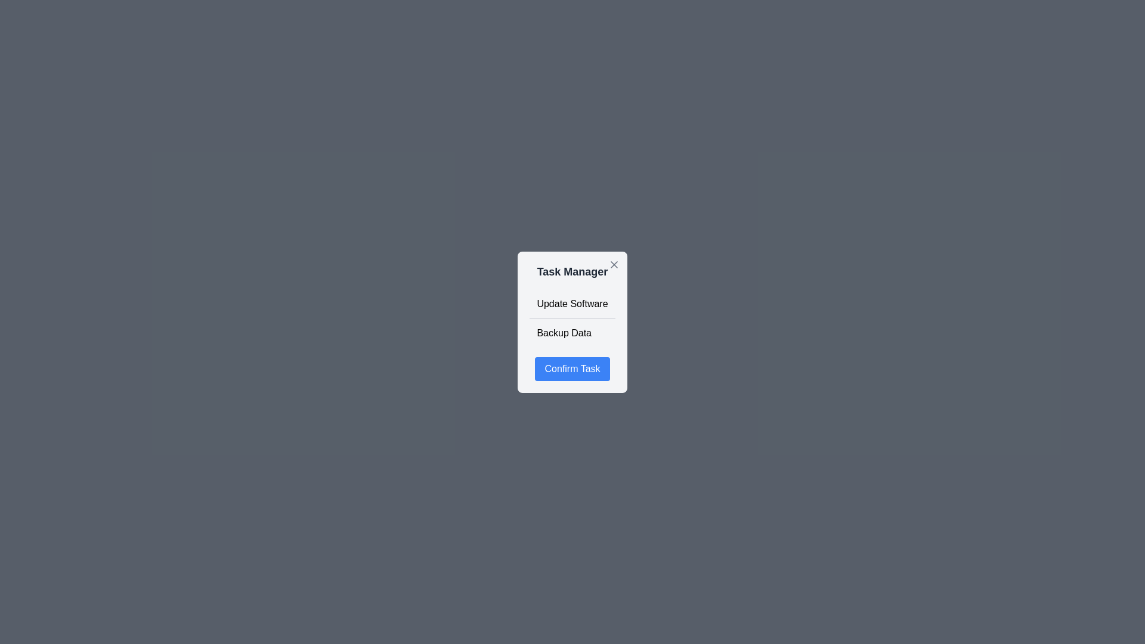 The width and height of the screenshot is (1145, 644). I want to click on close button to dismiss the dialog, so click(614, 264).